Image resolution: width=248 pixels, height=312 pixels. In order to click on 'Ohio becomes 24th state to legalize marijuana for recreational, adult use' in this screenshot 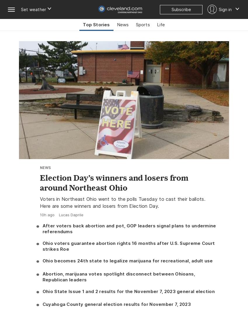, I will do `click(127, 260)`.